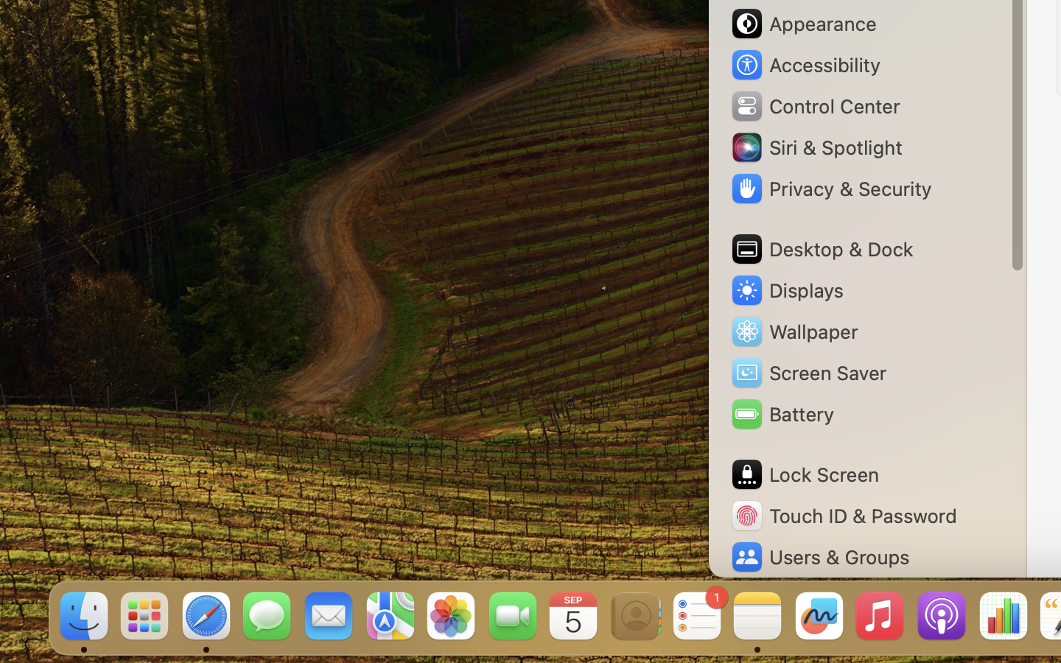  What do you see at coordinates (802, 23) in the screenshot?
I see `'Appearance'` at bounding box center [802, 23].